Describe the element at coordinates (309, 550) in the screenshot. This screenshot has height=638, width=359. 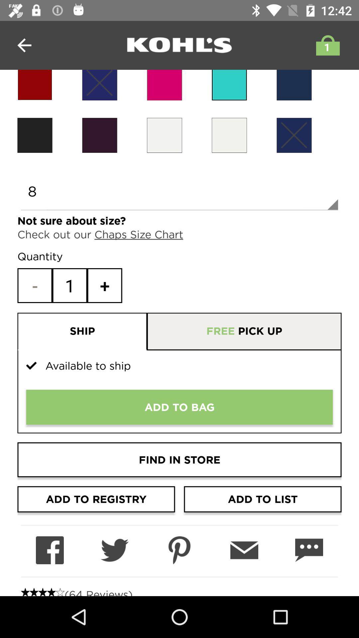
I see `the chat icon` at that location.